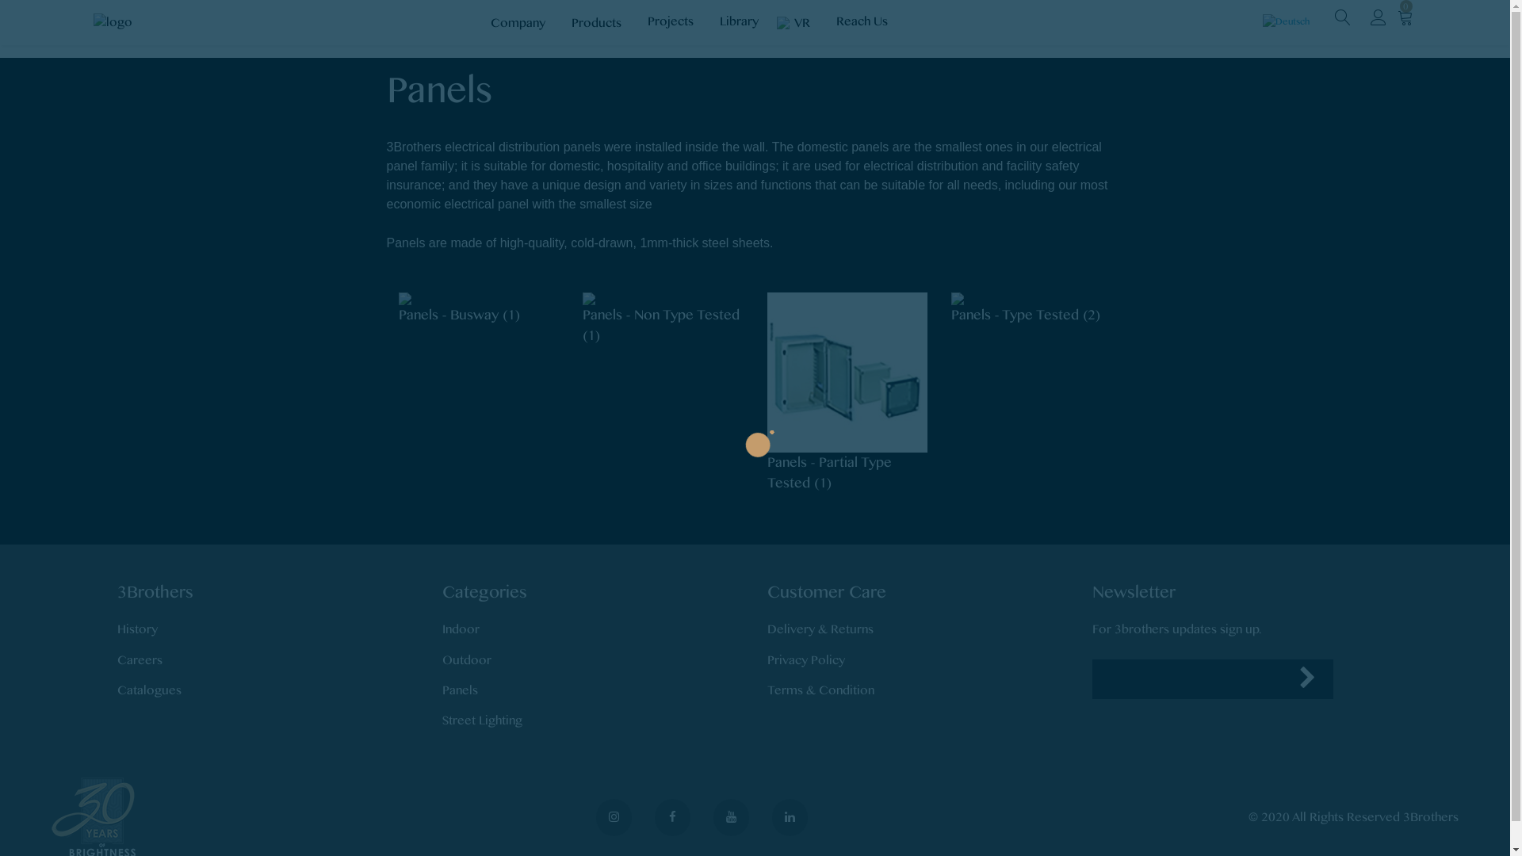 This screenshot has height=856, width=1522. I want to click on 'Panels - Type Tested (2)', so click(1031, 308).